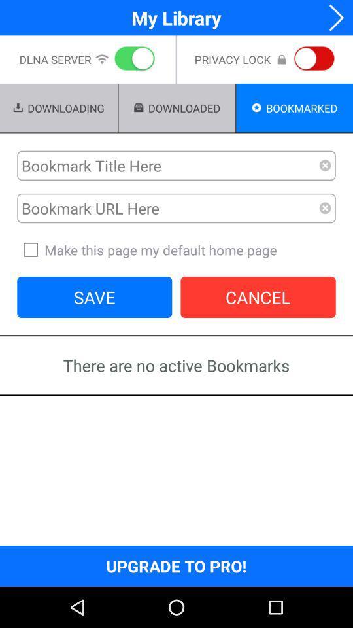  I want to click on bookmark in word, so click(168, 165).